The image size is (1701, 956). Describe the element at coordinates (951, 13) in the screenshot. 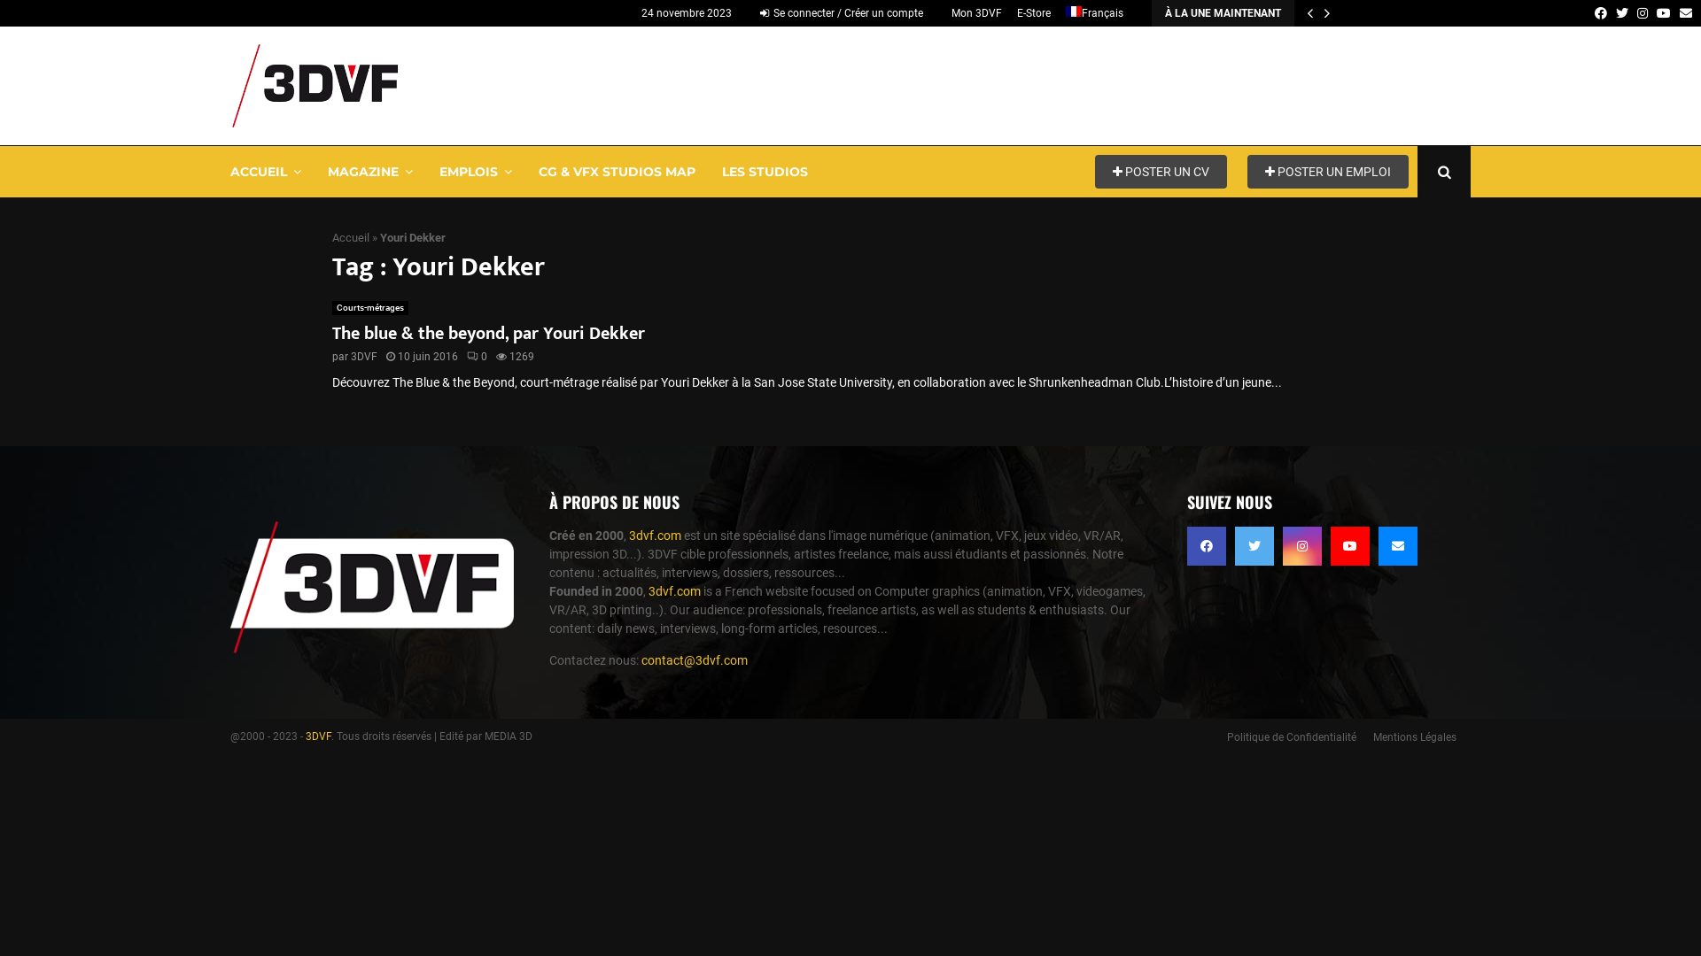

I see `'Mon 3DVF'` at that location.